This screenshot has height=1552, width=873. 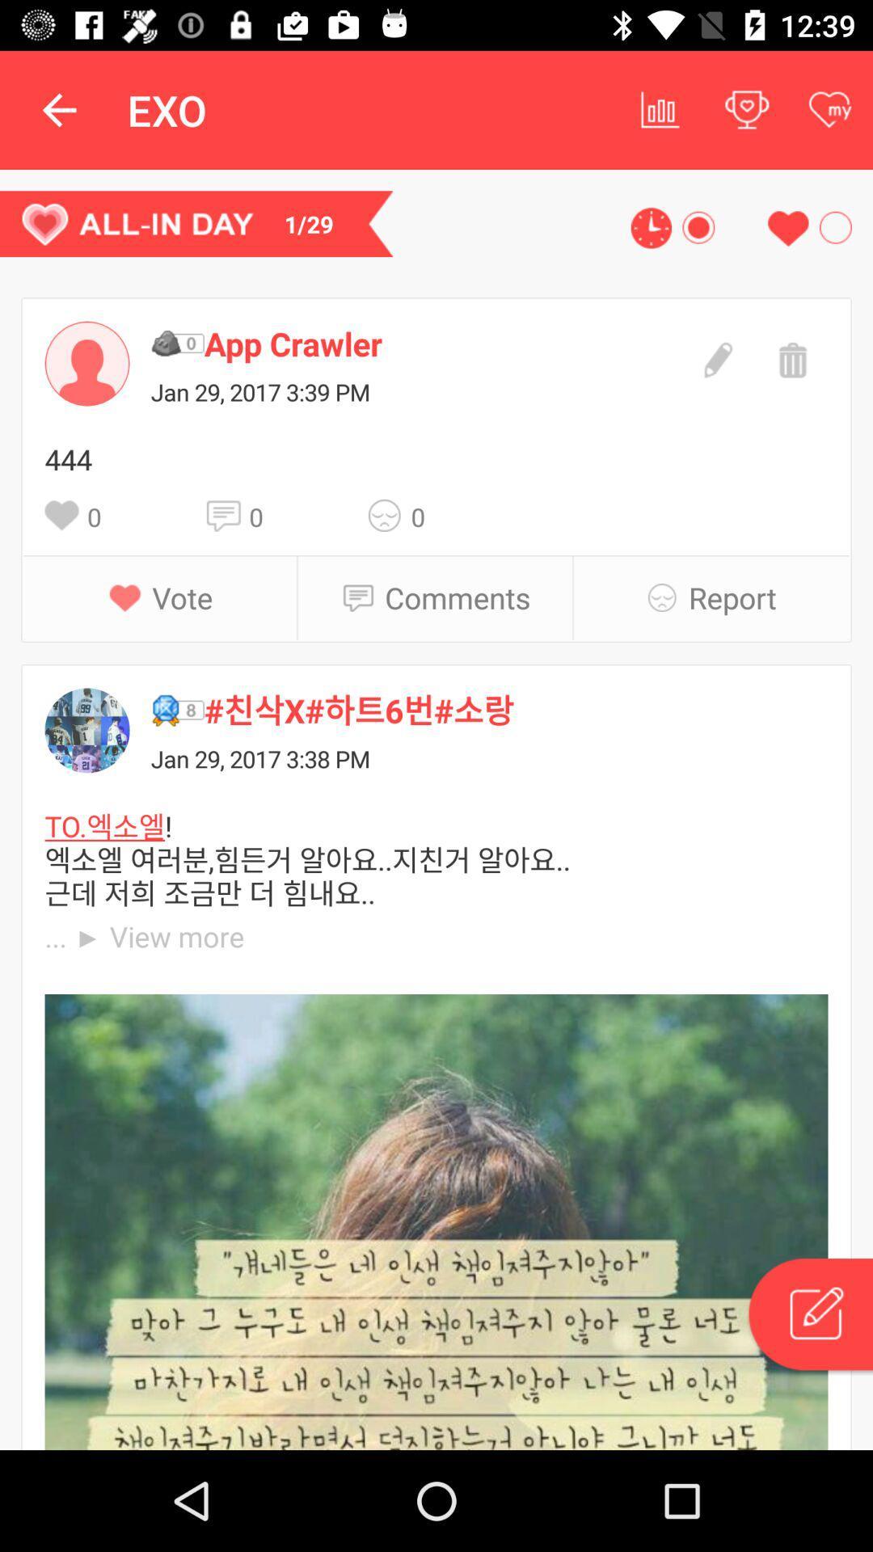 What do you see at coordinates (390, 514) in the screenshot?
I see `reaction` at bounding box center [390, 514].